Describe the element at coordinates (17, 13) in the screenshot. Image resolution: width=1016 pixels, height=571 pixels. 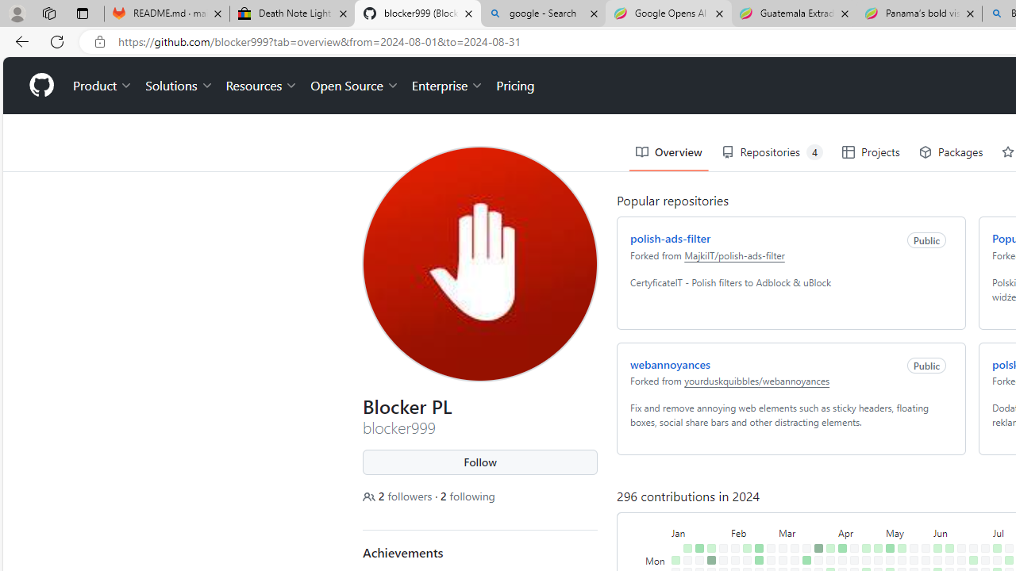
I see `'Personal Profile'` at that location.